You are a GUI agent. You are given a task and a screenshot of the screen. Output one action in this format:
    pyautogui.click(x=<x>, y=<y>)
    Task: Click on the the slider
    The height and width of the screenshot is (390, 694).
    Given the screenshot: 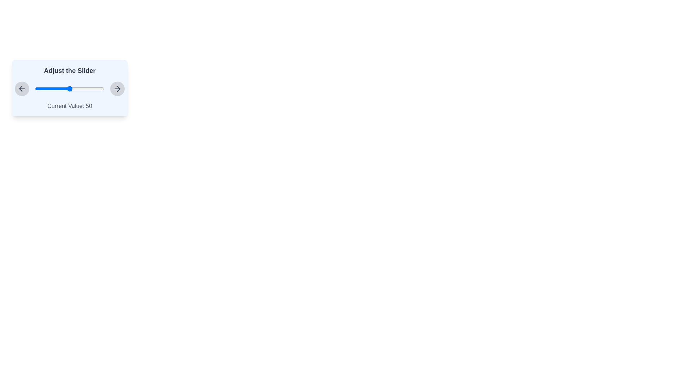 What is the action you would take?
    pyautogui.click(x=72, y=88)
    